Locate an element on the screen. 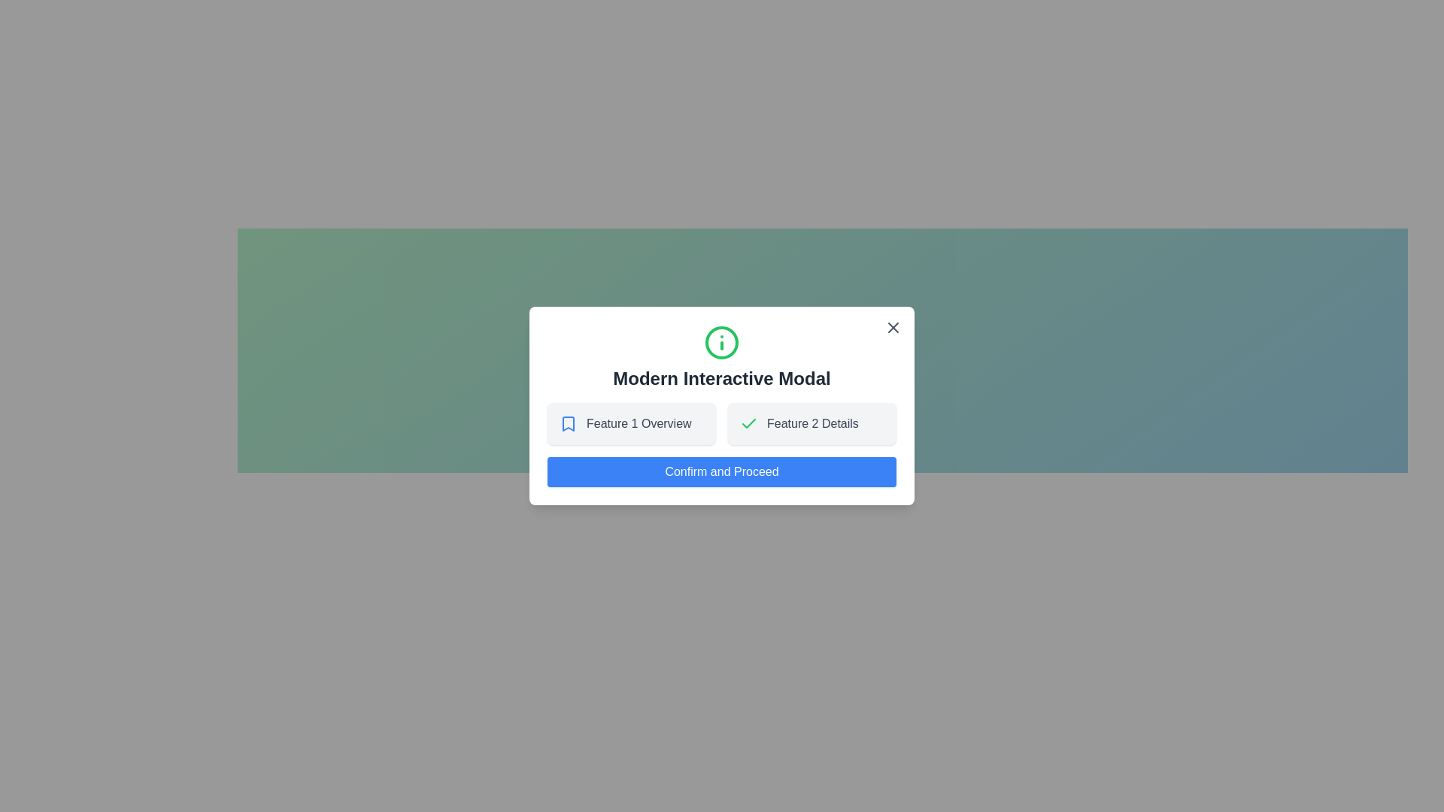 Image resolution: width=1444 pixels, height=812 pixels. the circular icon with a green border and an 'i' symbol, located at the top center of the information modal above the heading 'Modern Interactive Modal' is located at coordinates (722, 342).